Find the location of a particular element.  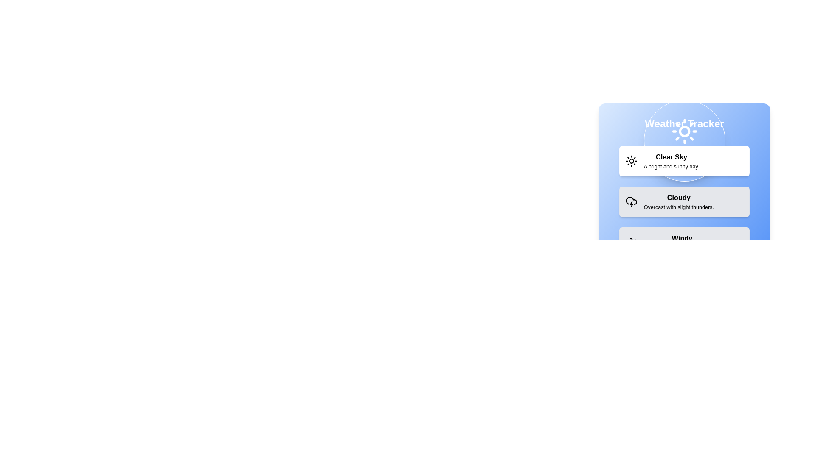

the 'Clear Sky' graphic icon element that visually represents the weather status is located at coordinates (679, 124).